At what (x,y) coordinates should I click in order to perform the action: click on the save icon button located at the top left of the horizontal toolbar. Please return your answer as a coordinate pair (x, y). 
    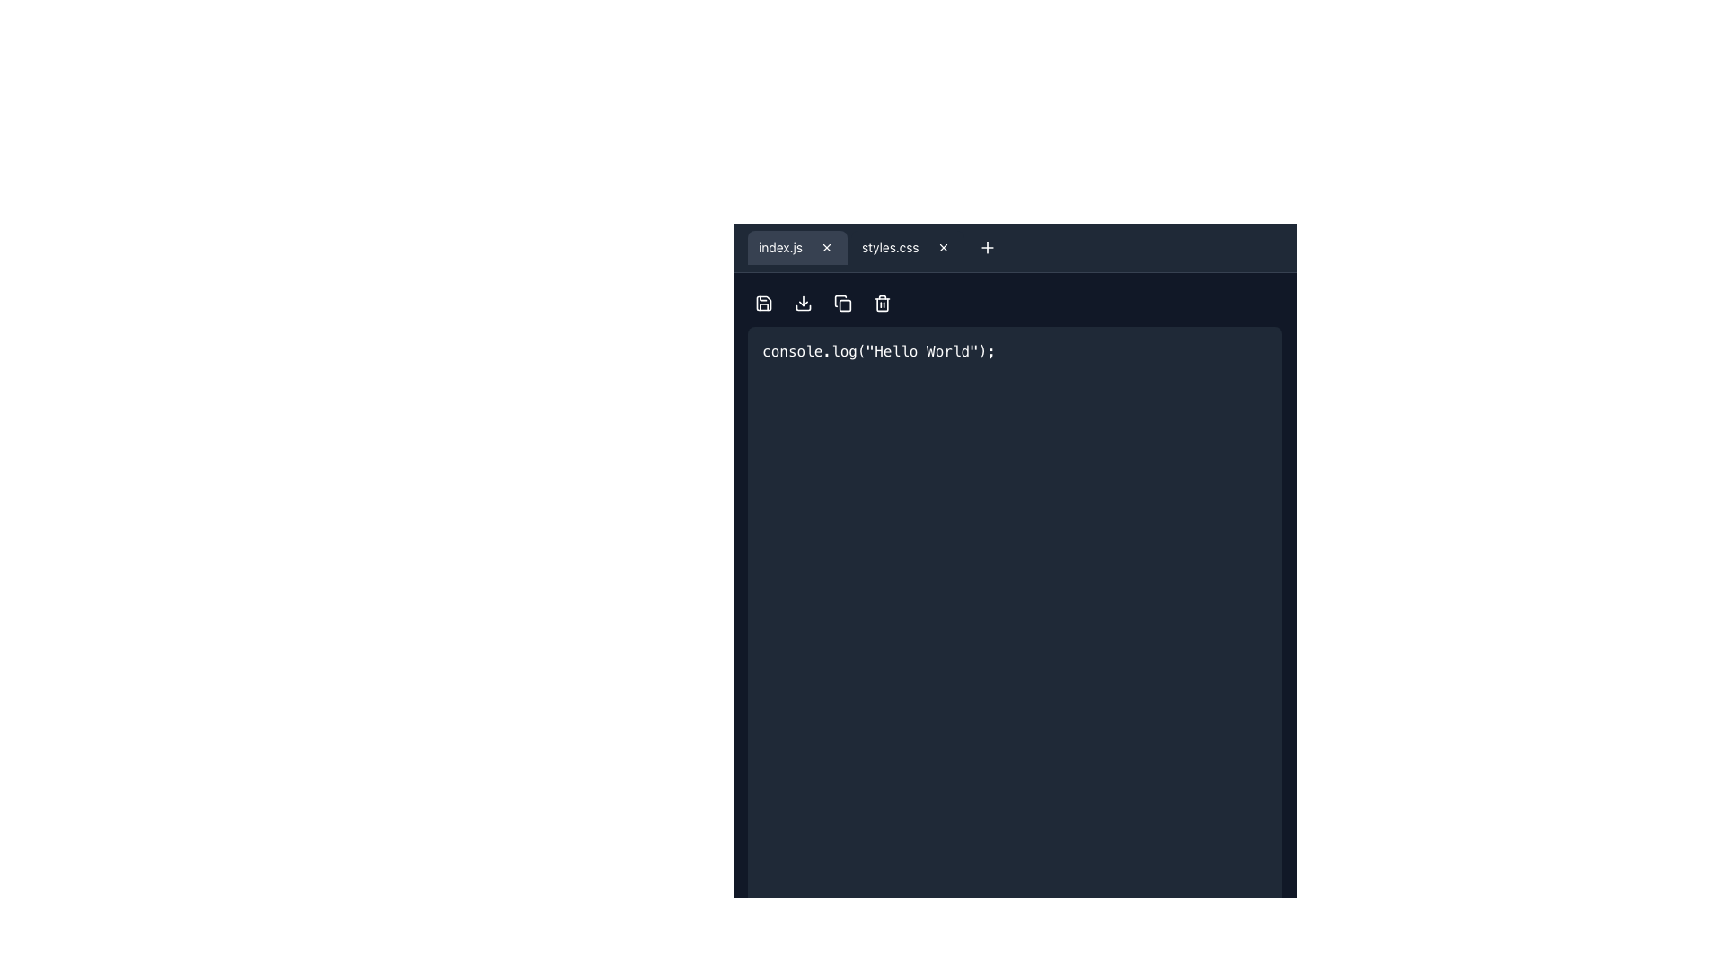
    Looking at the image, I should click on (763, 303).